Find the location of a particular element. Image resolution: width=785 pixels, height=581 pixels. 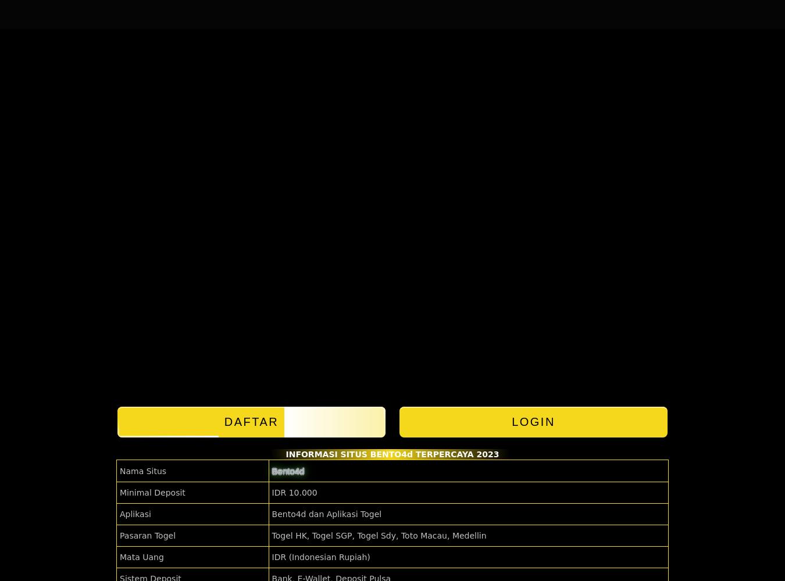

'Togel HK, Togel SGP, Togel Sdy, Toto Macau, Medellin' is located at coordinates (379, 536).